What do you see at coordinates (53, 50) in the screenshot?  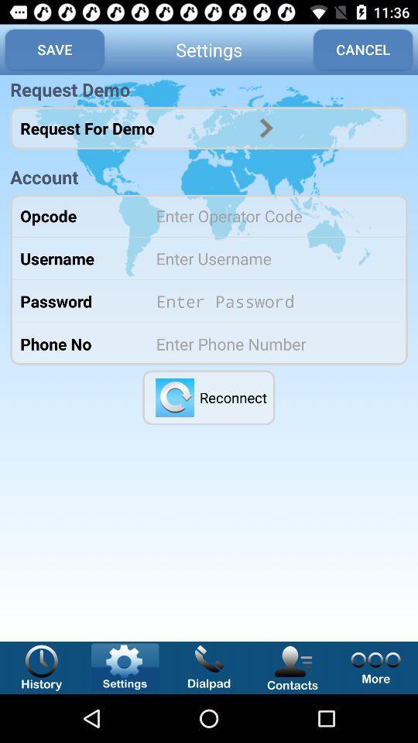 I see `the icon next to settings` at bounding box center [53, 50].